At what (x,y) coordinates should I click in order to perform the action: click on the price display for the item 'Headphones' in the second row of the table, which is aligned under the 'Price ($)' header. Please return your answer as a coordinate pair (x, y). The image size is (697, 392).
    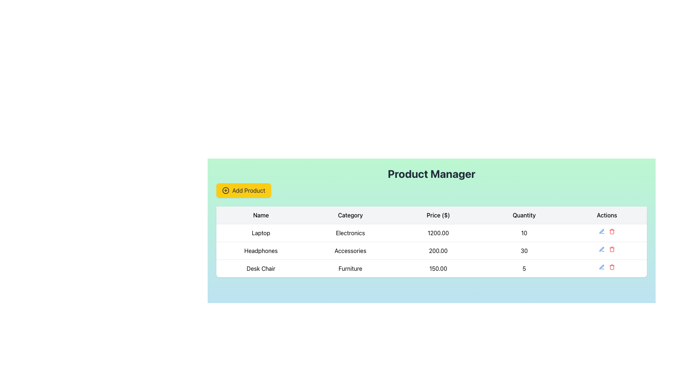
    Looking at the image, I should click on (438, 250).